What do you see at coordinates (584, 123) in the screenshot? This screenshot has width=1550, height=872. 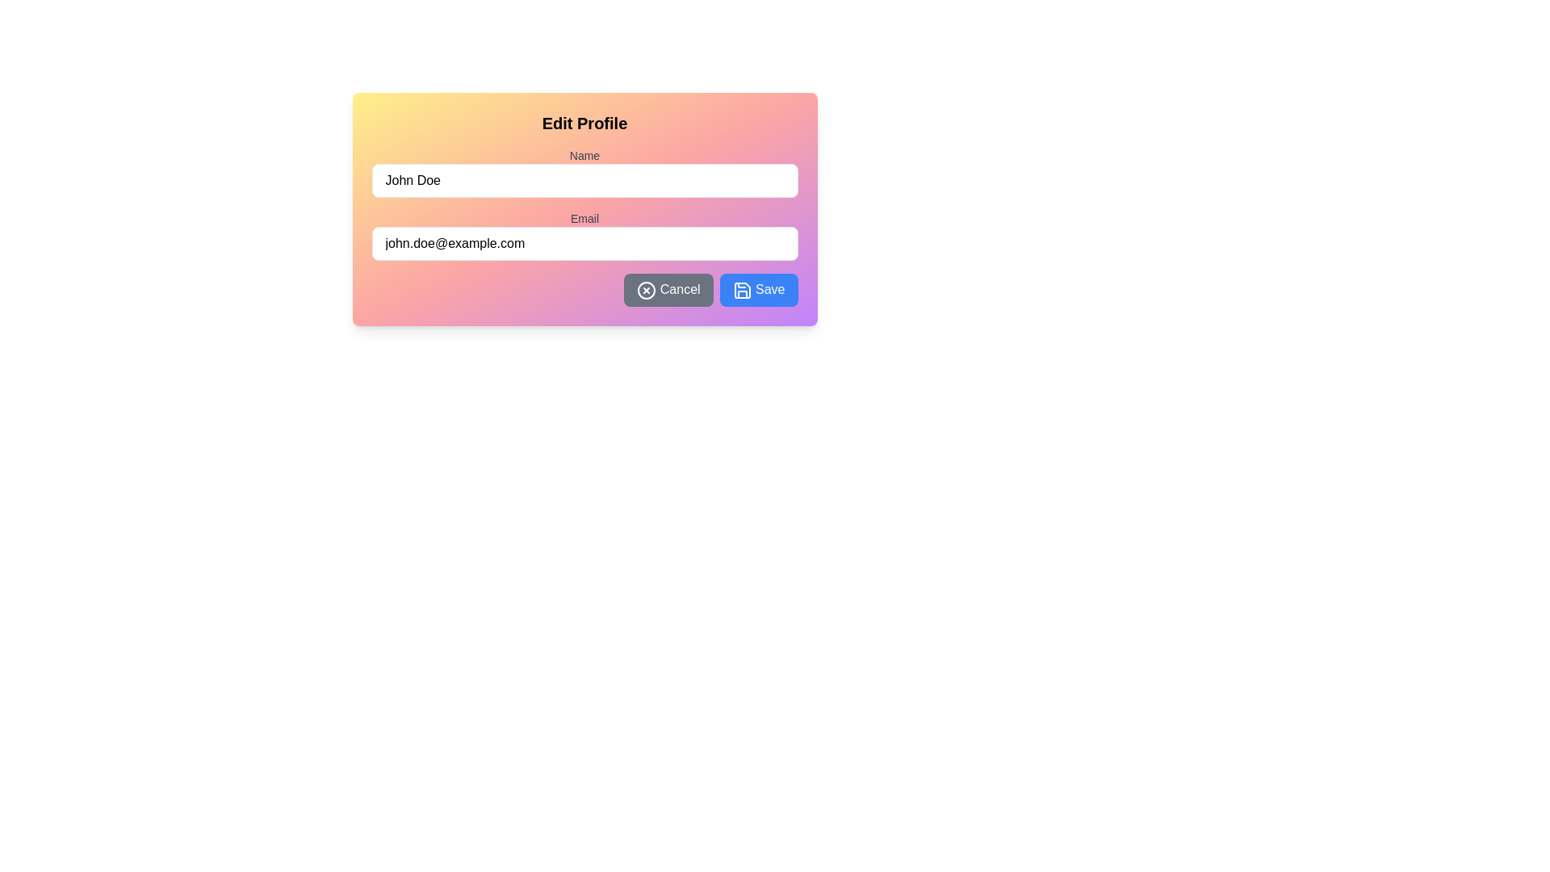 I see `the title text element located at the top of the profile edit card, which indicates the purpose of the section` at bounding box center [584, 123].